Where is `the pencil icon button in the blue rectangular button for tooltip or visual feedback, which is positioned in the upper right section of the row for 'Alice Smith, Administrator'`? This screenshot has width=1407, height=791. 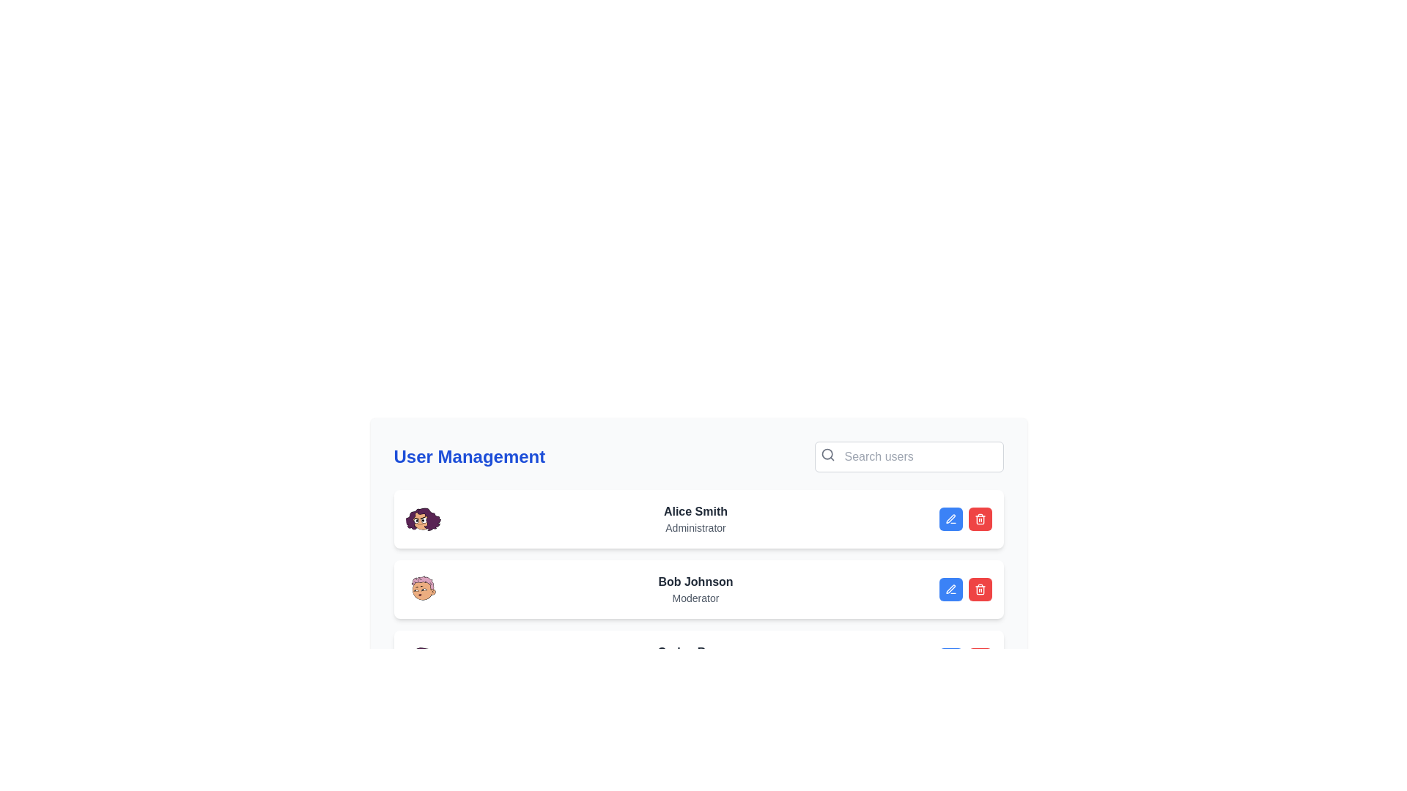 the pencil icon button in the blue rectangular button for tooltip or visual feedback, which is positioned in the upper right section of the row for 'Alice Smith, Administrator' is located at coordinates (950, 589).